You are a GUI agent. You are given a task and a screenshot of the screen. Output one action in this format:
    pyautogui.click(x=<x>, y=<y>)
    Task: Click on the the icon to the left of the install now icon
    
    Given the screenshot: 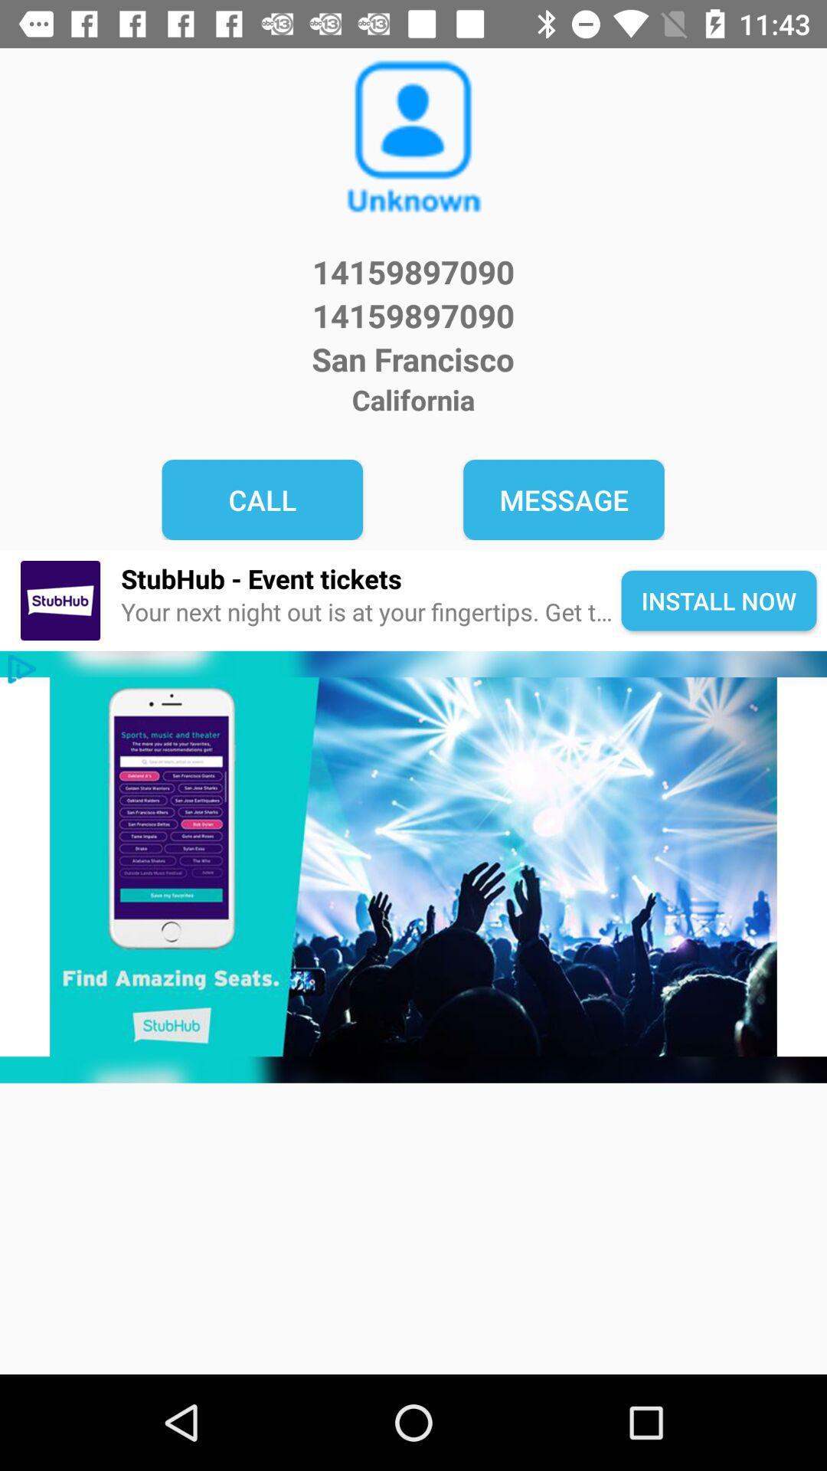 What is the action you would take?
    pyautogui.click(x=371, y=611)
    